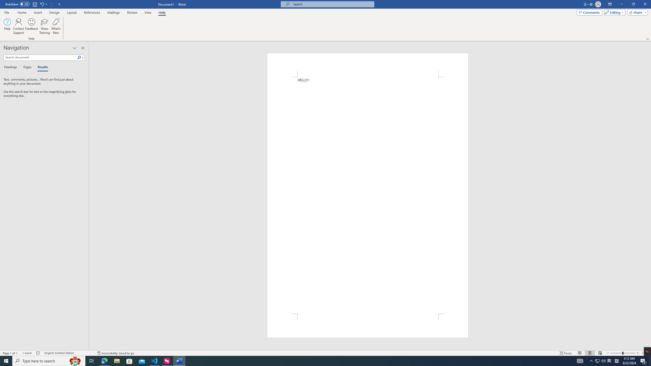 The height and width of the screenshot is (366, 651). What do you see at coordinates (79, 57) in the screenshot?
I see `'Search'` at bounding box center [79, 57].